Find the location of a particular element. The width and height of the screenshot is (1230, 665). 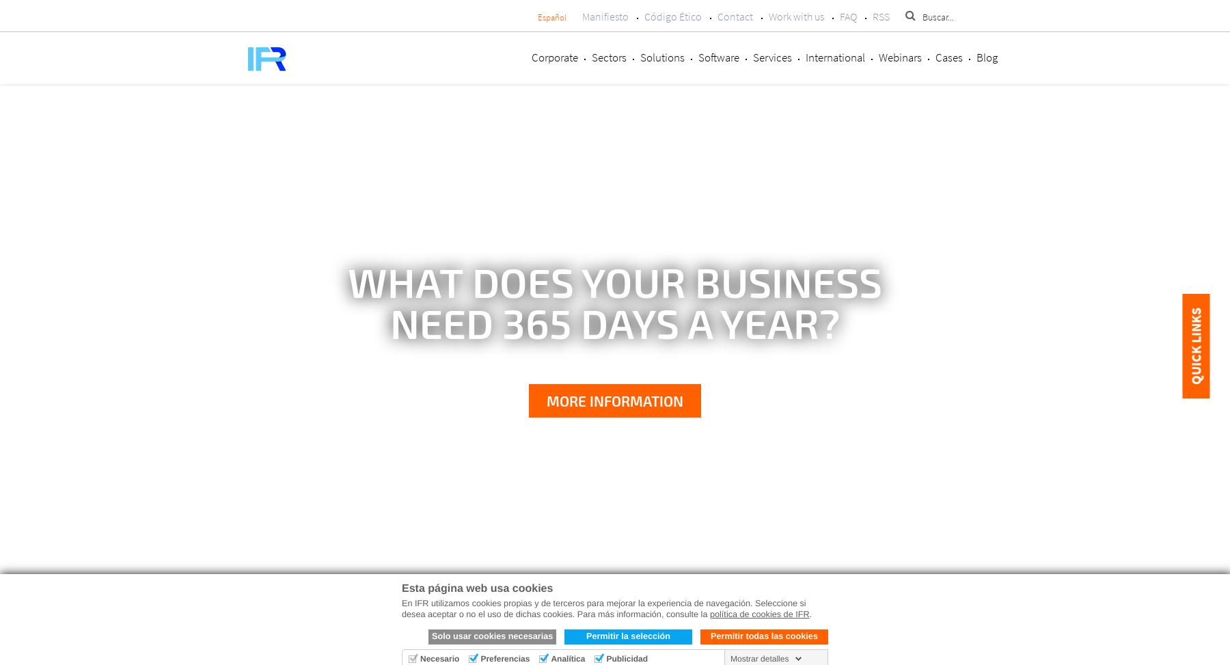

'Microsoft Dynamics 365' is located at coordinates (607, 627).